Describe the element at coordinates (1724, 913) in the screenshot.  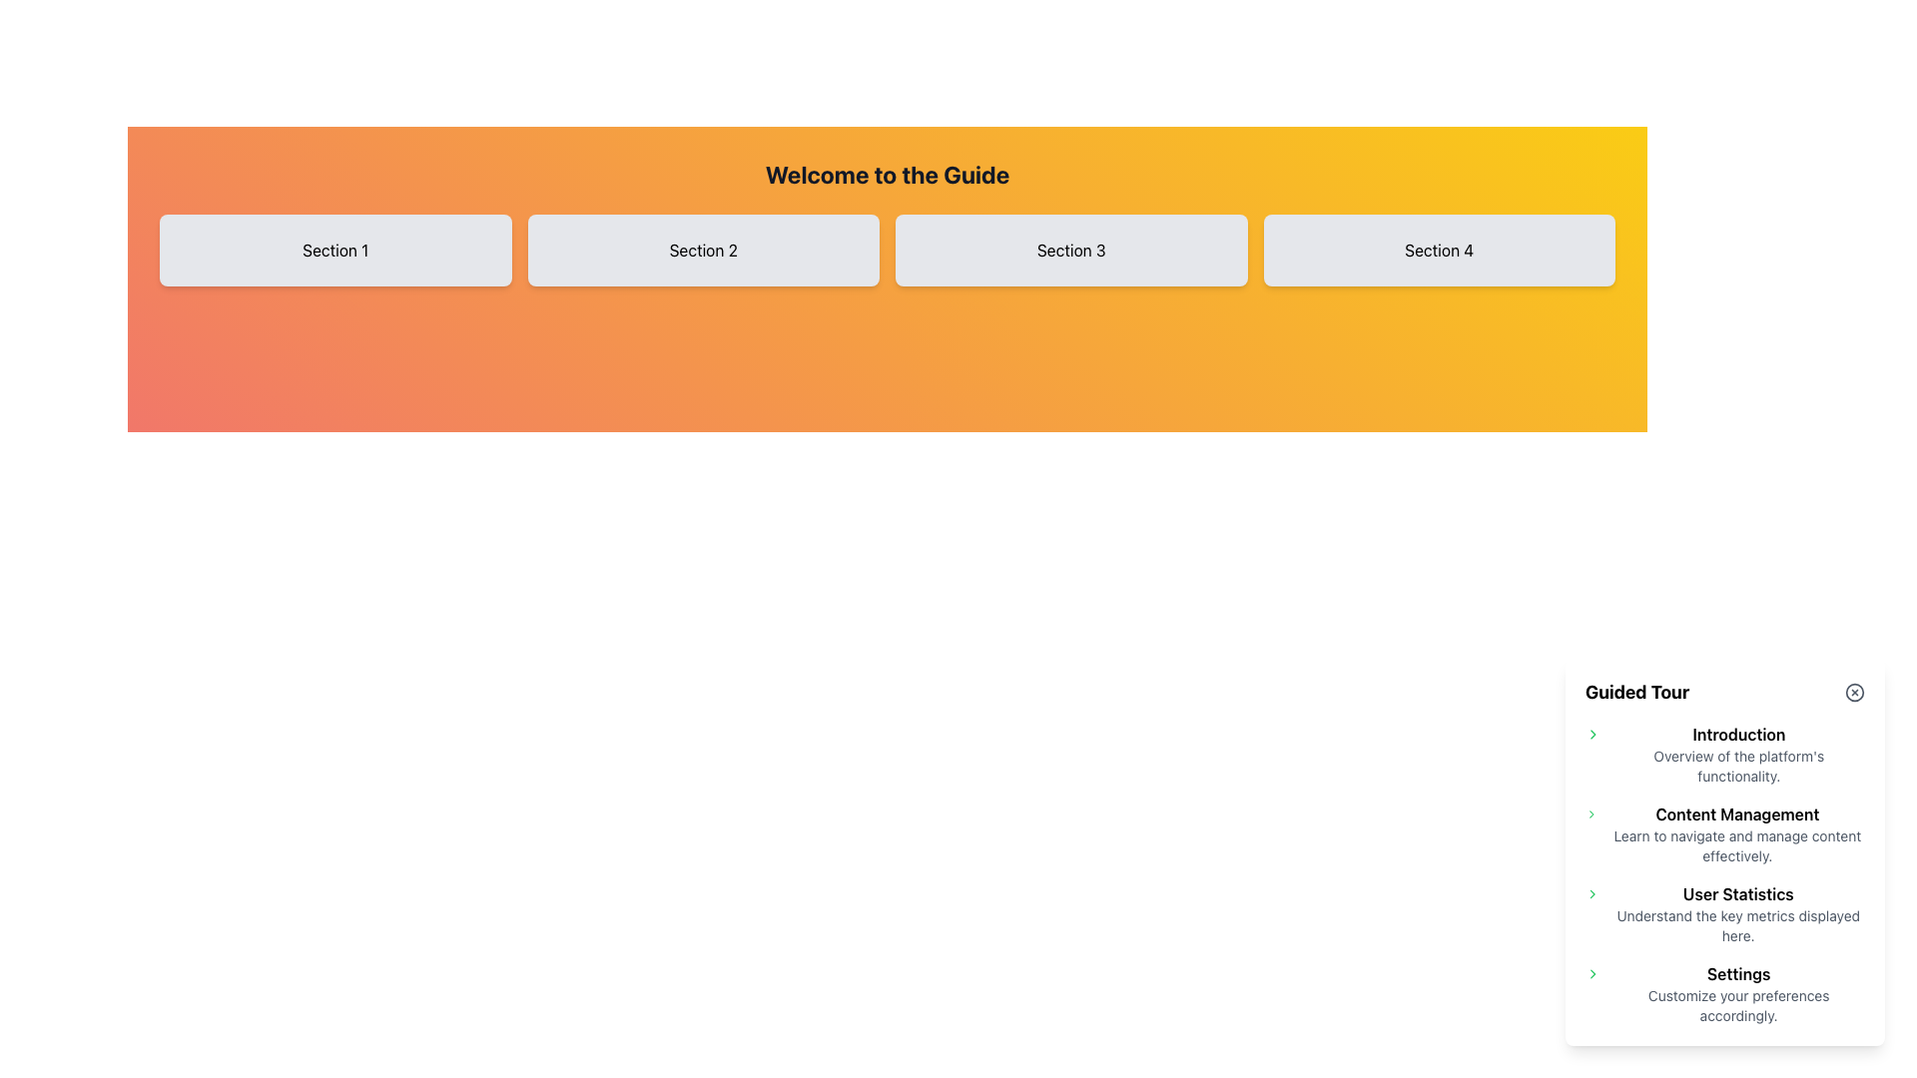
I see `the green chevron icon next to the 'User Statistics' title` at that location.